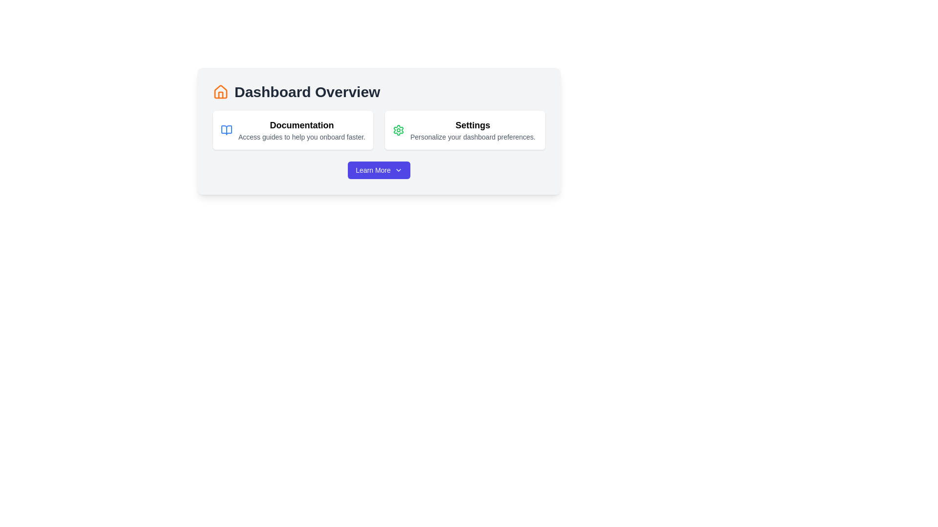  Describe the element at coordinates (301, 137) in the screenshot. I see `the text element reading 'Access guides to help you onboard faster.' which is styled in small gray text and positioned below the 'Documentation' heading within a card-like section` at that location.